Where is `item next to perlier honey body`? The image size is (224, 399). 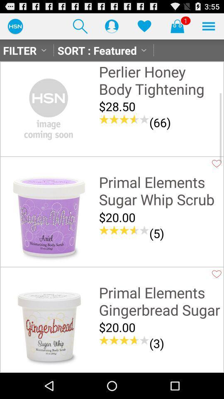
item next to perlier honey body is located at coordinates (49, 107).